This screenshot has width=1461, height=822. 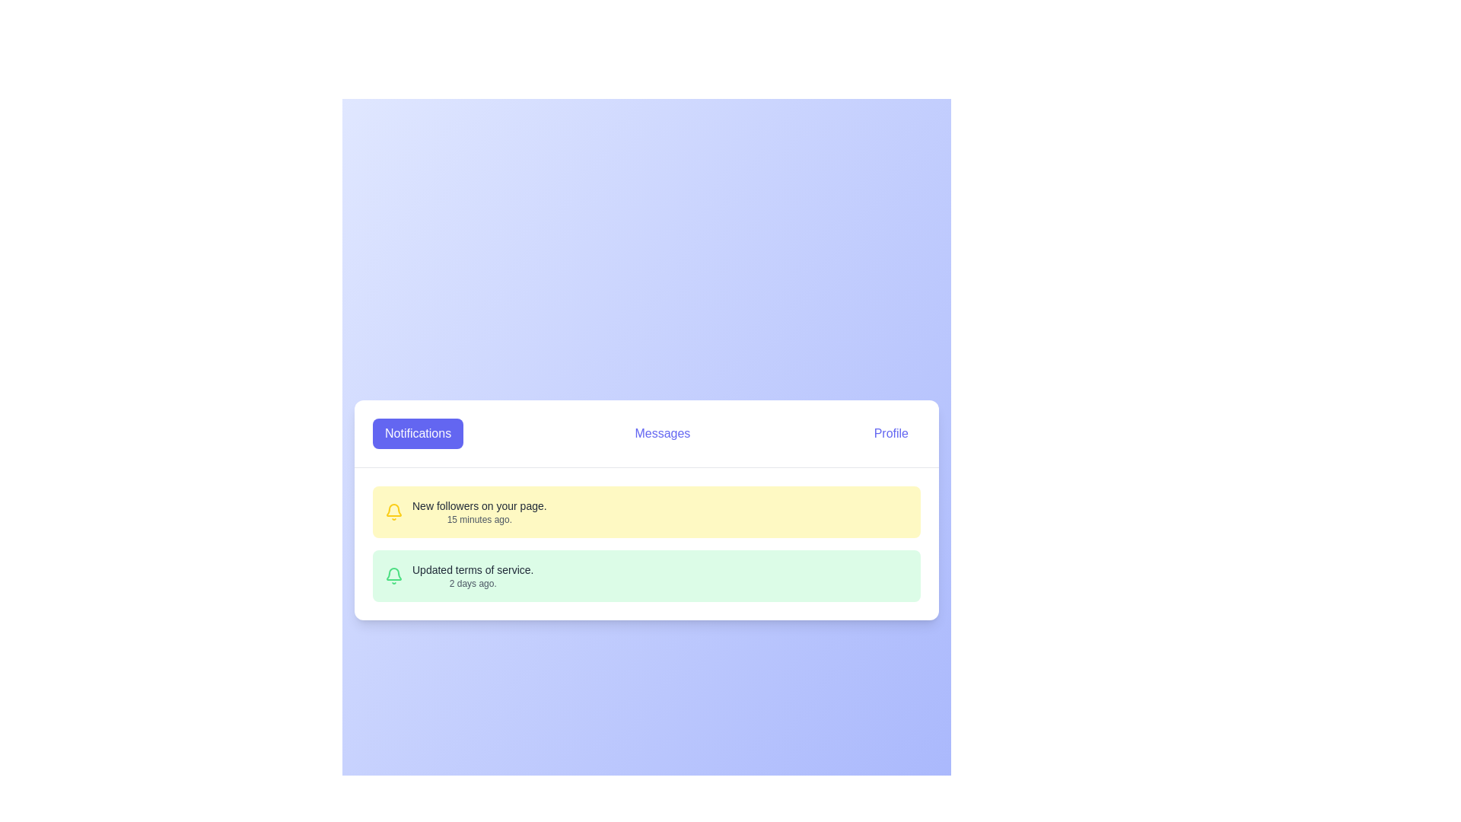 I want to click on the notification with the text 'New followers on your page.' located within the first notification card beneath the header tabs labeled 'Notifications', 'Messages', and 'Profile', so click(x=479, y=511).